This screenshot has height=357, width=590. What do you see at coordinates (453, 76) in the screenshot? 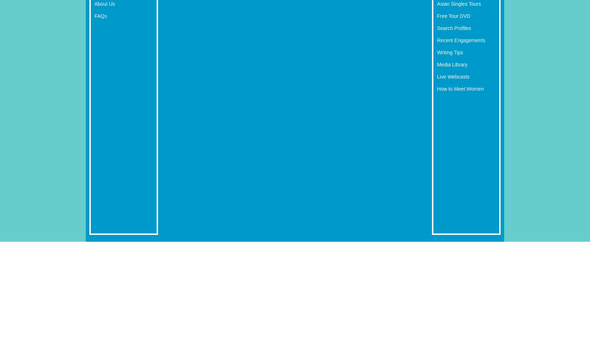
I see `'Live Webcasts'` at bounding box center [453, 76].